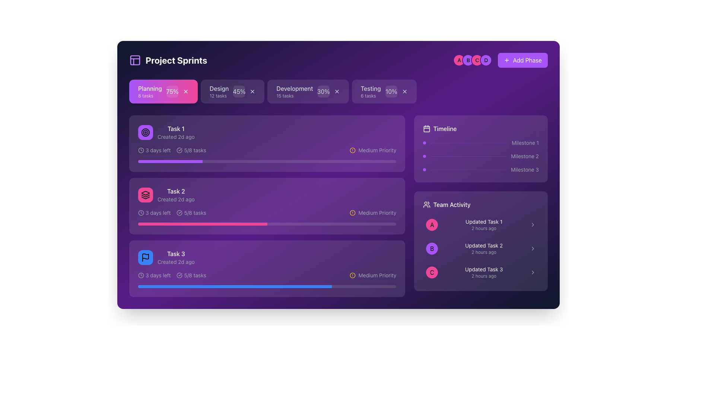  What do you see at coordinates (484, 276) in the screenshot?
I see `the text element displaying '2 hours ago', which is a small gray text located directly below the 'Updated Task 3' label in the 'Team Activity' section` at bounding box center [484, 276].